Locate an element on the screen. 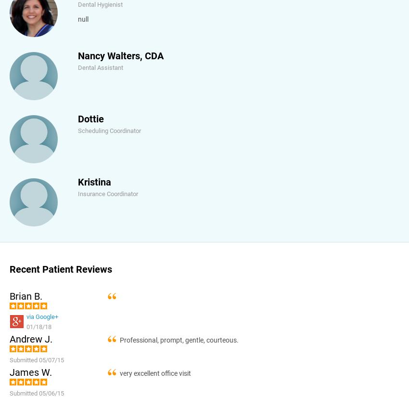 Image resolution: width=409 pixels, height=397 pixels. 'Submitted 05/06/15' is located at coordinates (9, 393).